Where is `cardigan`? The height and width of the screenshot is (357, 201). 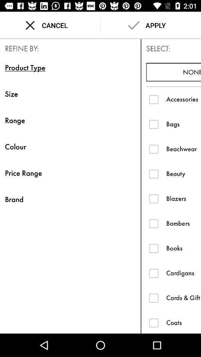 cardigan is located at coordinates (153, 273).